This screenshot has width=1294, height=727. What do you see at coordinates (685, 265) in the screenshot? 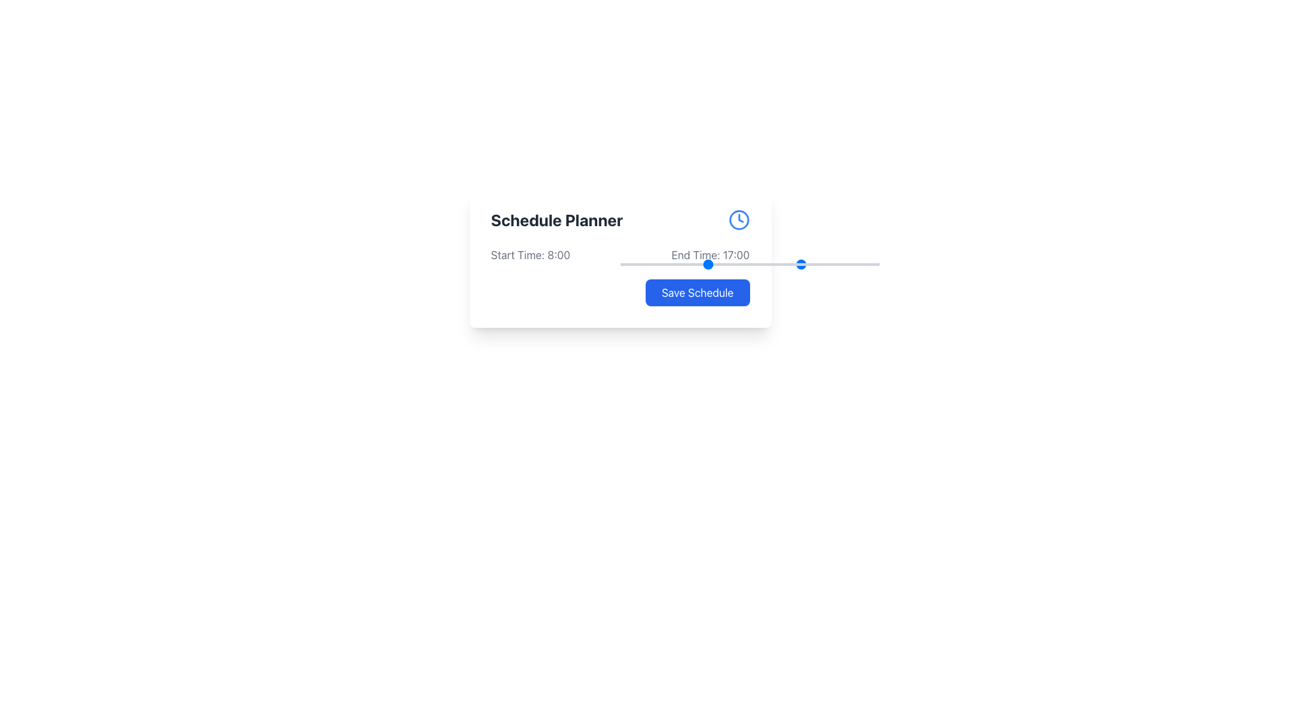
I see `the end time` at bounding box center [685, 265].